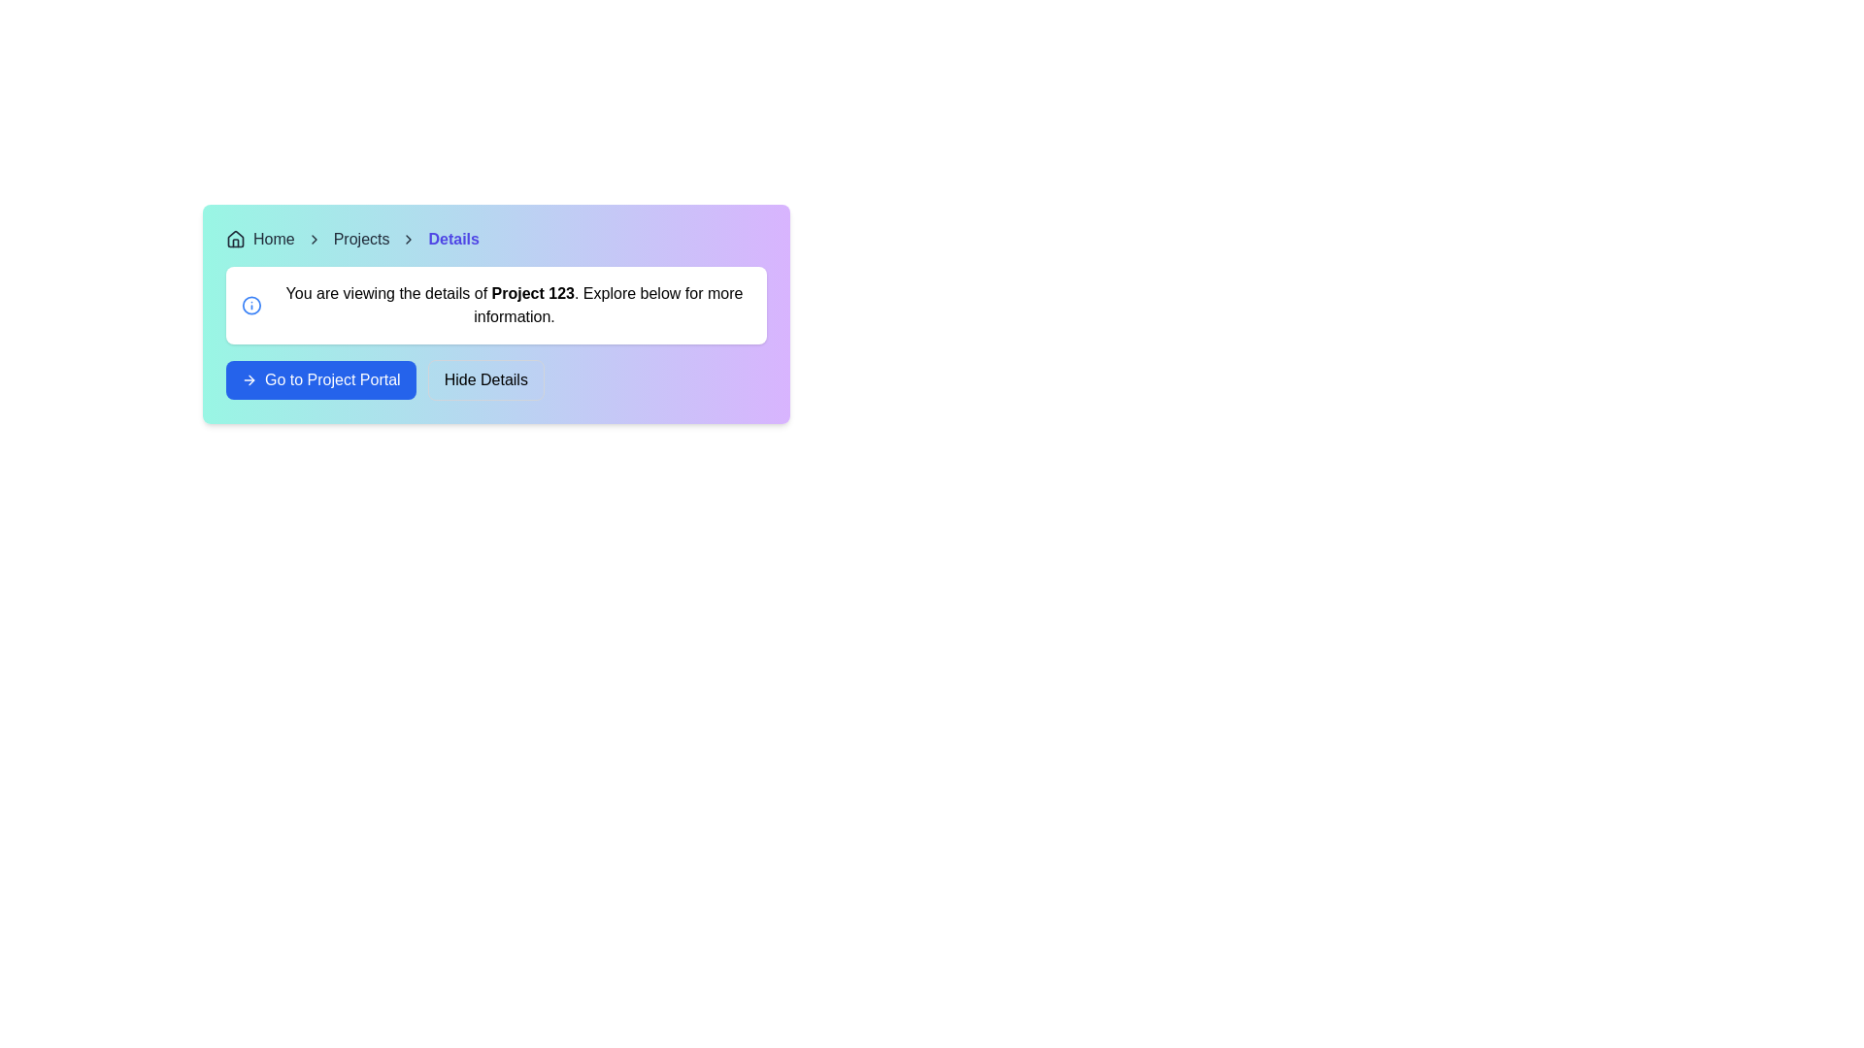  What do you see at coordinates (361, 238) in the screenshot?
I see `the second text node in the breadcrumb navigation sequence, located between 'Home' and 'Details', to indicate the current page` at bounding box center [361, 238].